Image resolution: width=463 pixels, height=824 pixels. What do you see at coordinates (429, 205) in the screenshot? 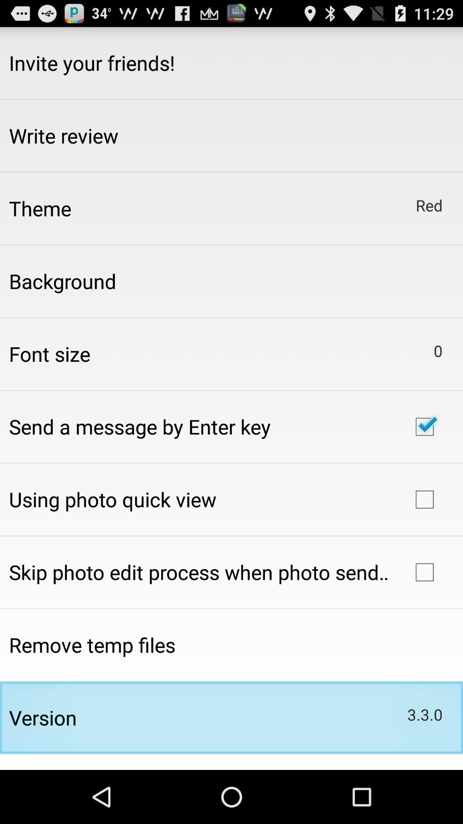
I see `app above the 0 item` at bounding box center [429, 205].